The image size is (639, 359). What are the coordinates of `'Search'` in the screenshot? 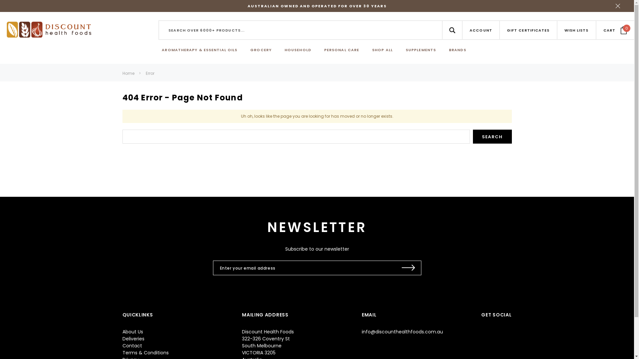 It's located at (492, 136).